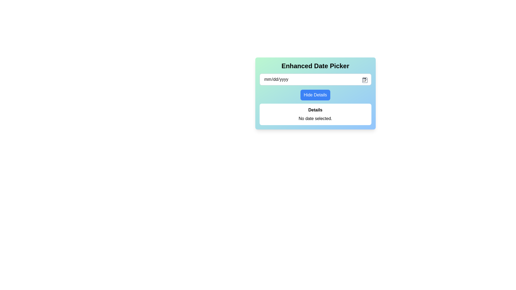 Image resolution: width=516 pixels, height=290 pixels. I want to click on the button with rounded corners and a blue background labeled 'Hide Details' to hide additional information, so click(315, 93).